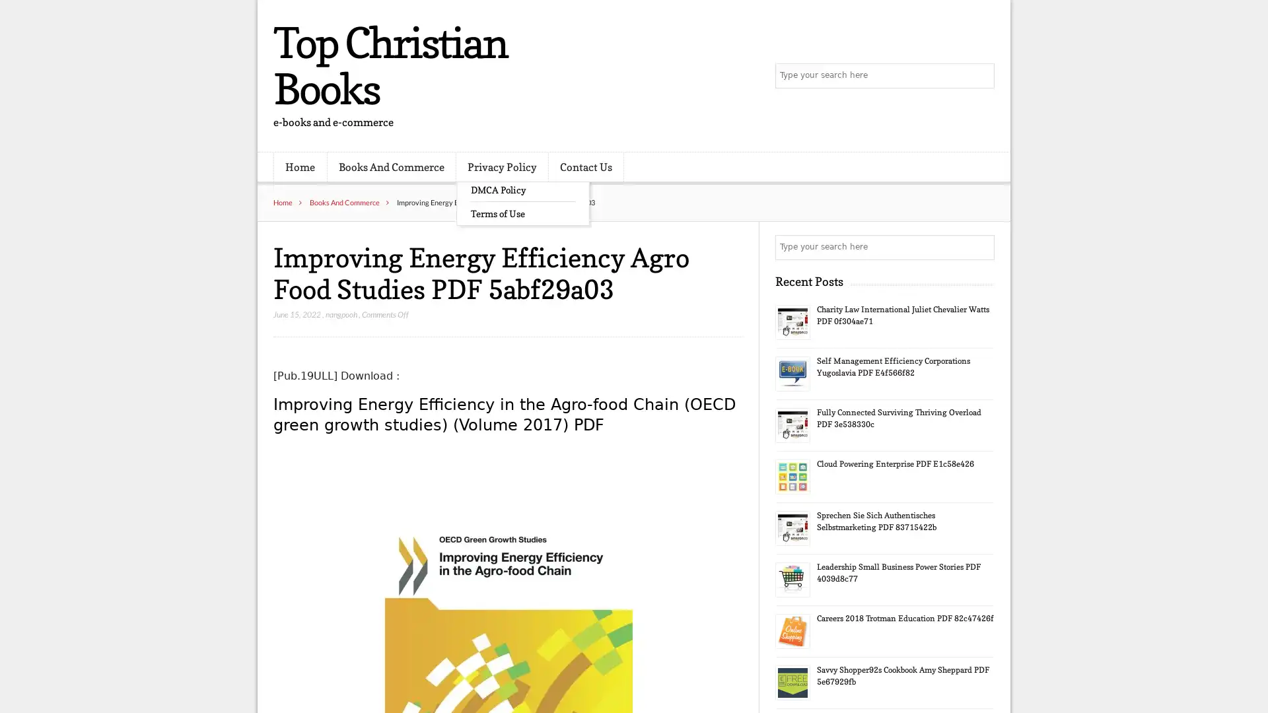  Describe the element at coordinates (981, 247) in the screenshot. I see `Search` at that location.